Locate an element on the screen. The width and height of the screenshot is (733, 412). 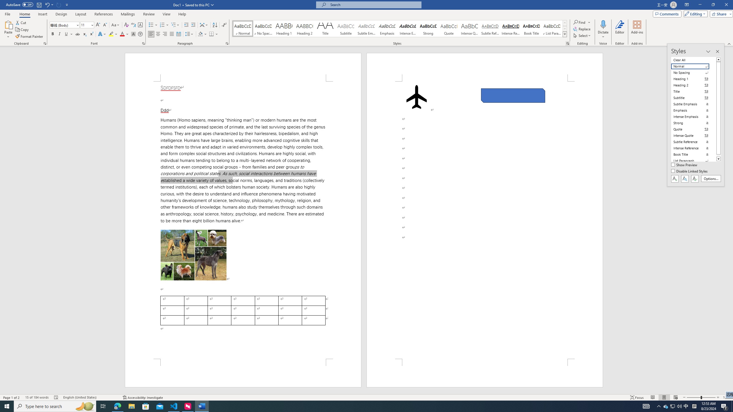
'Page 1 content' is located at coordinates (243, 220).